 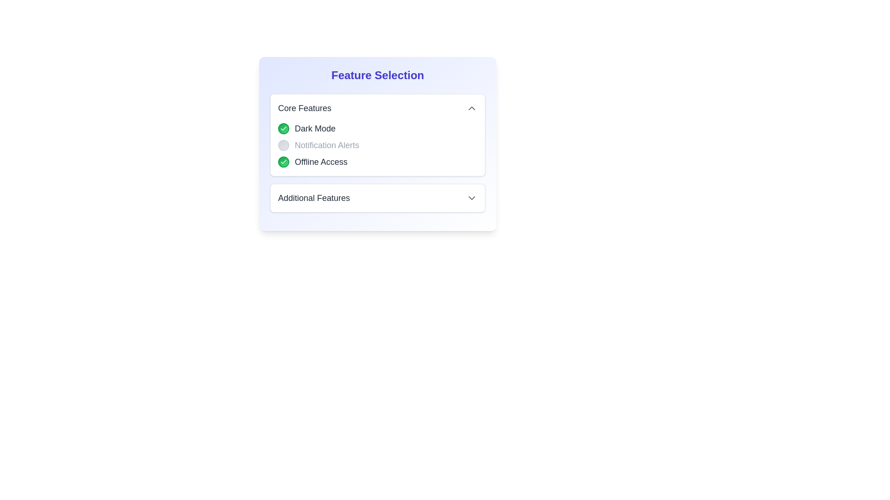 What do you see at coordinates (378, 162) in the screenshot?
I see `the 'Offline Access' option, which is the third item in the 'Core Features' list below 'Dark Mode' and 'Notification Alerts'` at bounding box center [378, 162].